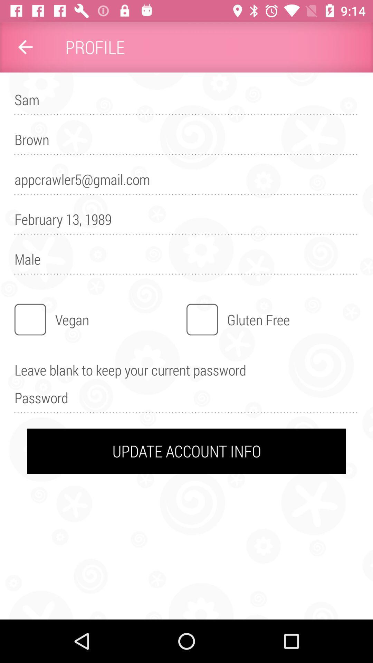 The image size is (373, 663). Describe the element at coordinates (186, 183) in the screenshot. I see `the appcrawler5@gmail.com item` at that location.